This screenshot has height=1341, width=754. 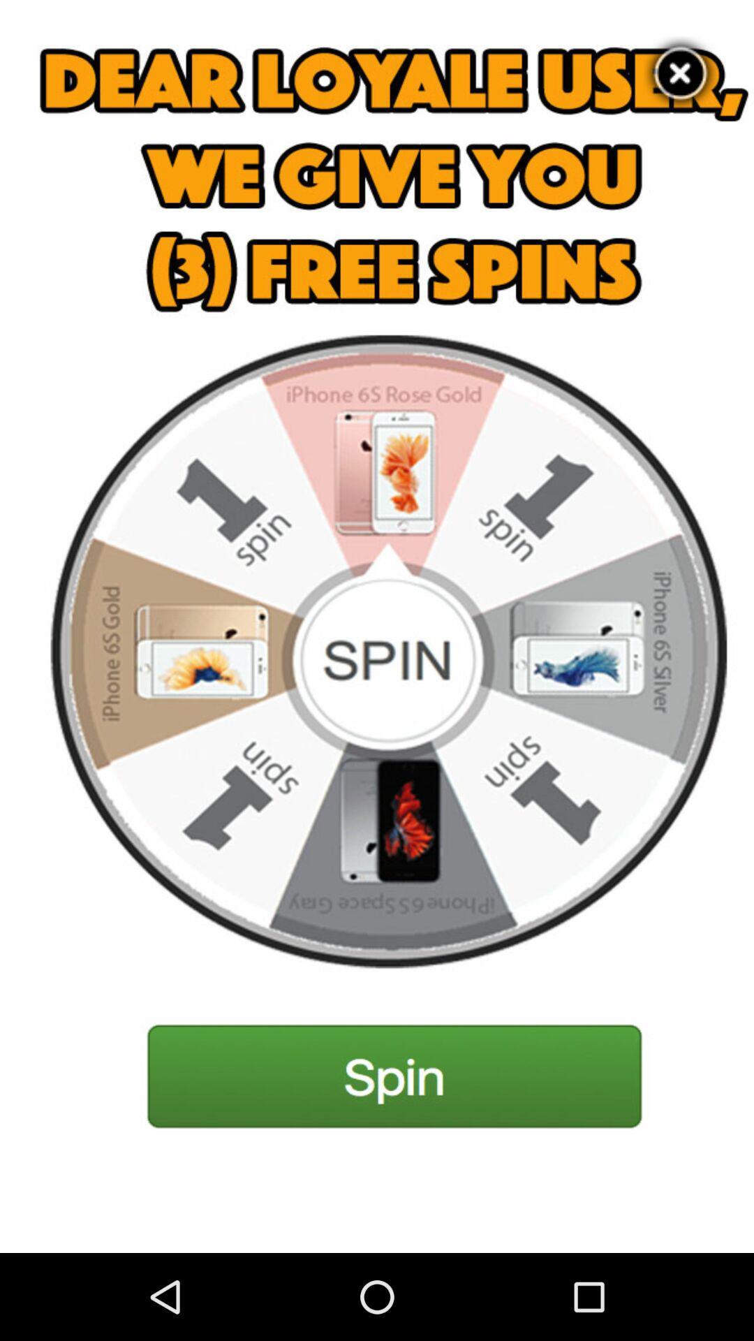 I want to click on the close icon, so click(x=680, y=78).